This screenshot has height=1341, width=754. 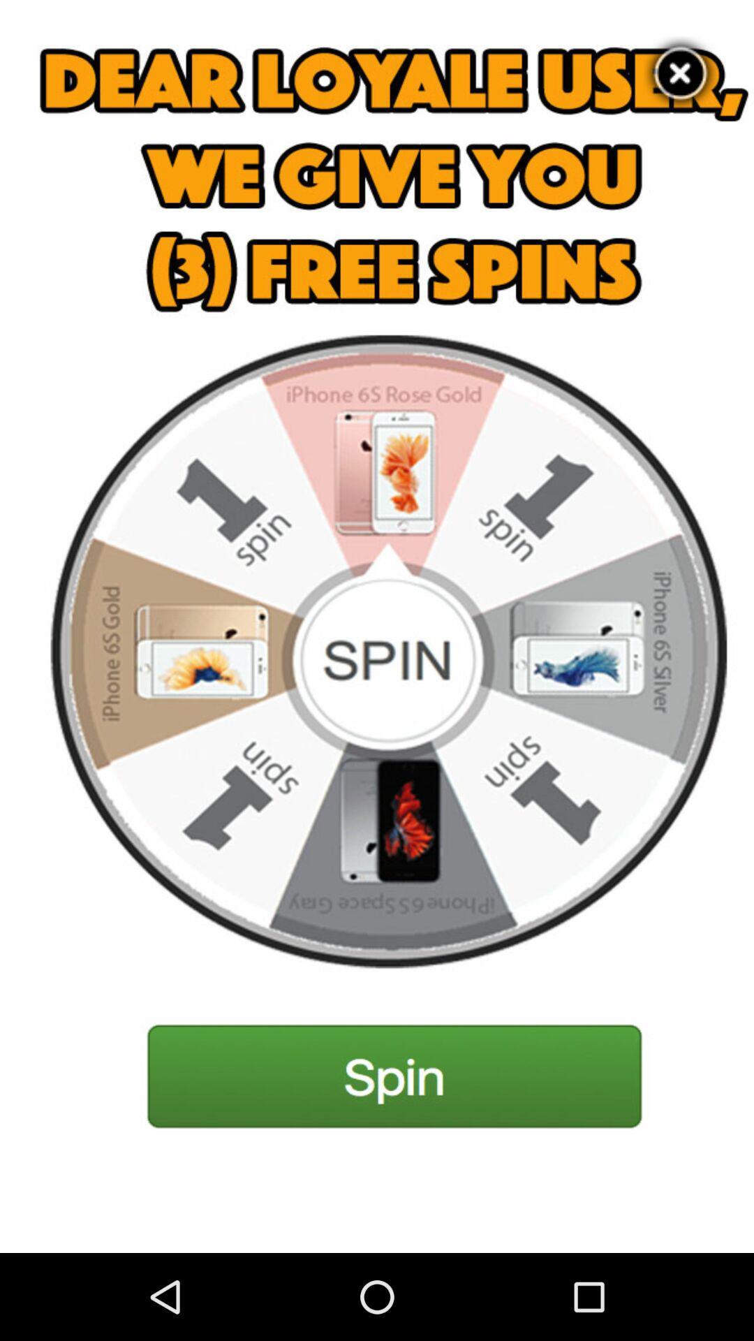 I want to click on the close icon, so click(x=680, y=78).